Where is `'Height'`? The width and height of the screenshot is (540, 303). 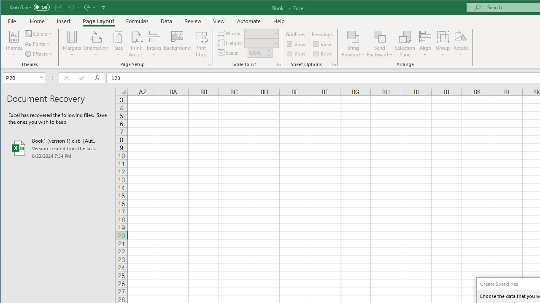 'Height' is located at coordinates (258, 43).